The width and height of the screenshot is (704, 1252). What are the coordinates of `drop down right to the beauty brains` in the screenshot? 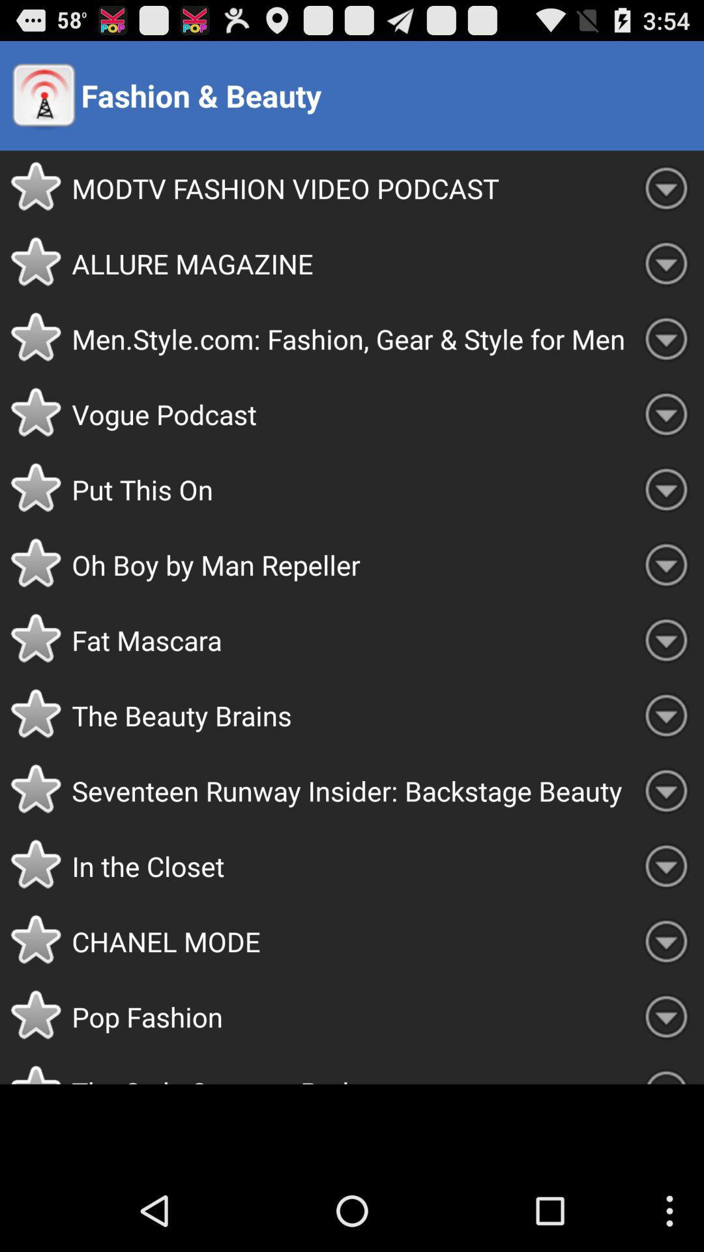 It's located at (666, 715).